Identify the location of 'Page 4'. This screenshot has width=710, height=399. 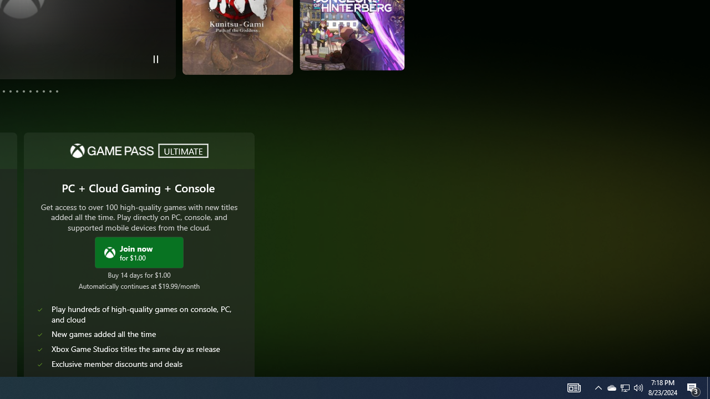
(4, 90).